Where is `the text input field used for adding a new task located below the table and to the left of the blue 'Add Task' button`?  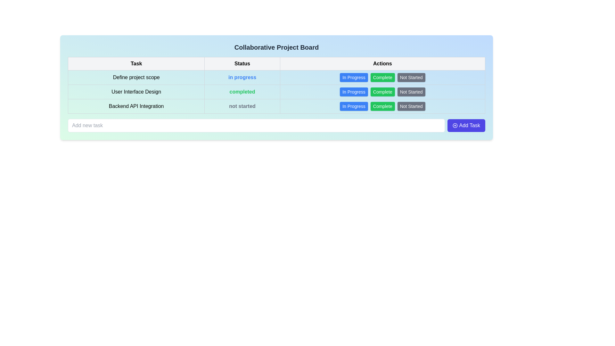
the text input field used for adding a new task located below the table and to the left of the blue 'Add Task' button is located at coordinates (256, 126).